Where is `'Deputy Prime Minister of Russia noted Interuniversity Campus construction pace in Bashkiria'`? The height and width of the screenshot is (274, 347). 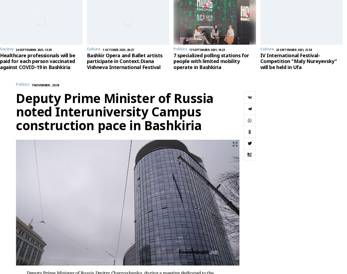 'Deputy Prime Minister of Russia noted Interuniversity Campus construction pace in Bashkiria' is located at coordinates (15, 112).